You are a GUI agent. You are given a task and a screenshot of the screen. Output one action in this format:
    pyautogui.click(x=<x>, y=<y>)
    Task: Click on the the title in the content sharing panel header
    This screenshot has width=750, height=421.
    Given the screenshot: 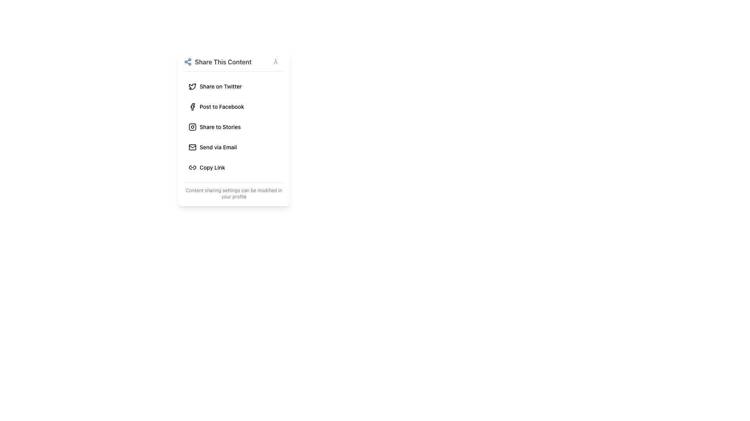 What is the action you would take?
    pyautogui.click(x=234, y=64)
    